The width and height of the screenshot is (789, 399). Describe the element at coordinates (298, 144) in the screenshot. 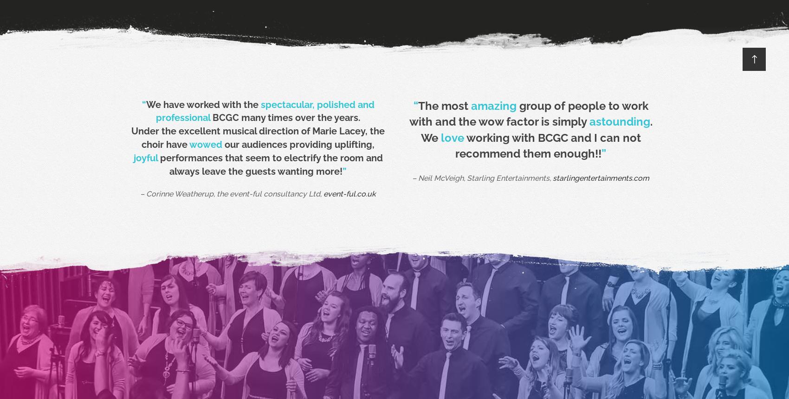

I see `'our audiences providing uplifting,'` at that location.